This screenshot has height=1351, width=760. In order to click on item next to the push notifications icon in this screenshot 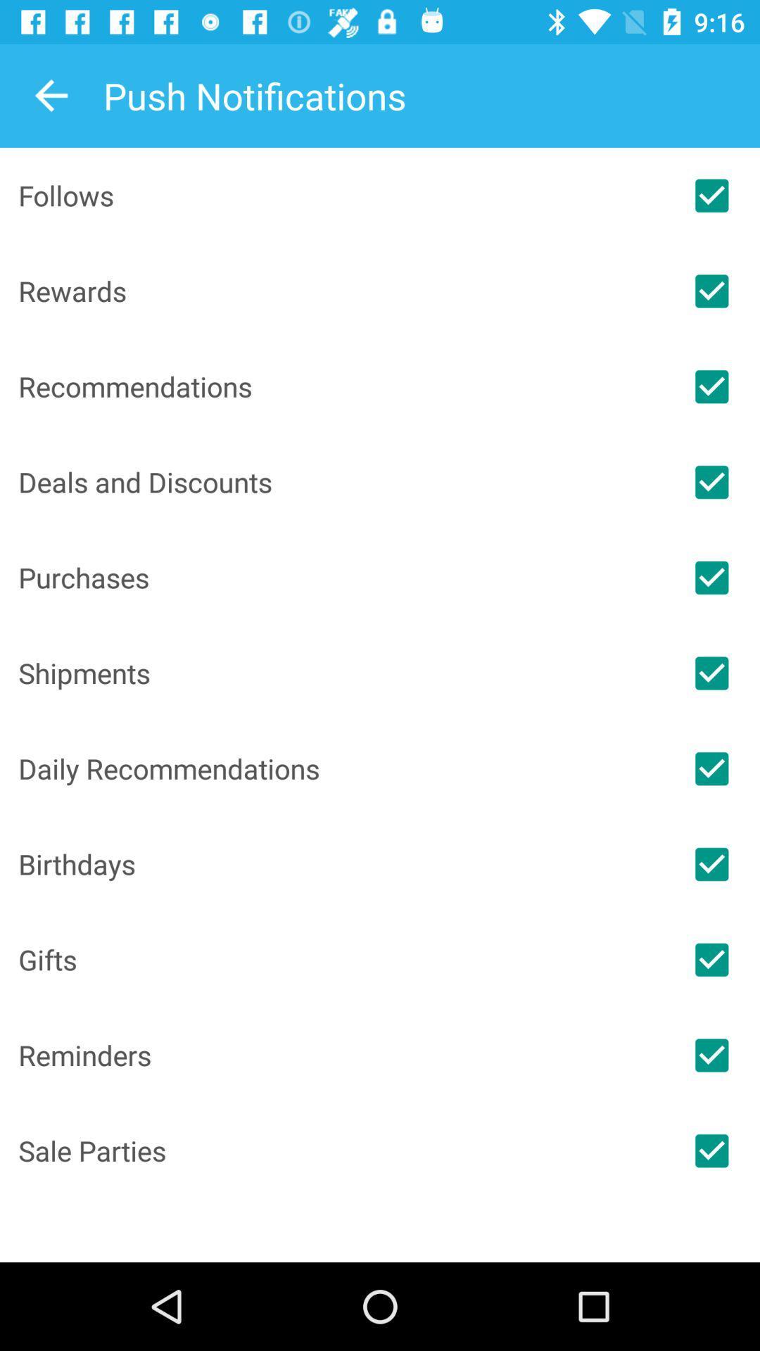, I will do `click(51, 95)`.